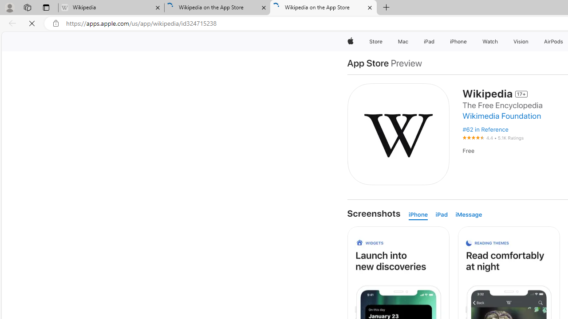  Describe the element at coordinates (350, 41) in the screenshot. I see `'Apple'` at that location.